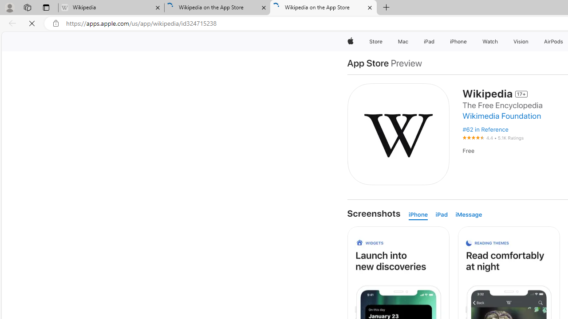  Describe the element at coordinates (350, 41) in the screenshot. I see `'Apple'` at that location.